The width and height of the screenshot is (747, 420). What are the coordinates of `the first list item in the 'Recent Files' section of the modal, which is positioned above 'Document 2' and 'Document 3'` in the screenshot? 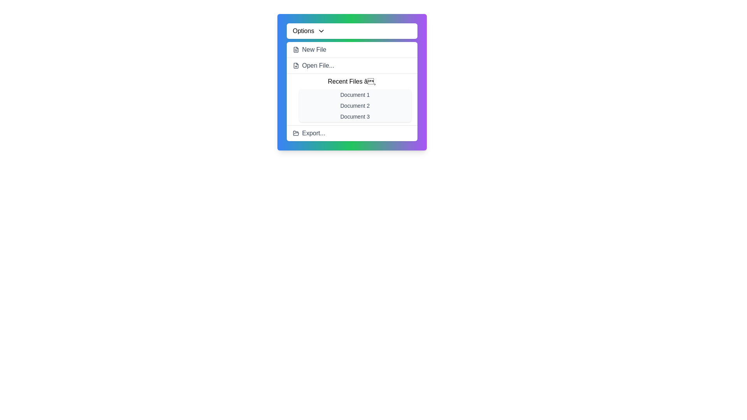 It's located at (354, 94).